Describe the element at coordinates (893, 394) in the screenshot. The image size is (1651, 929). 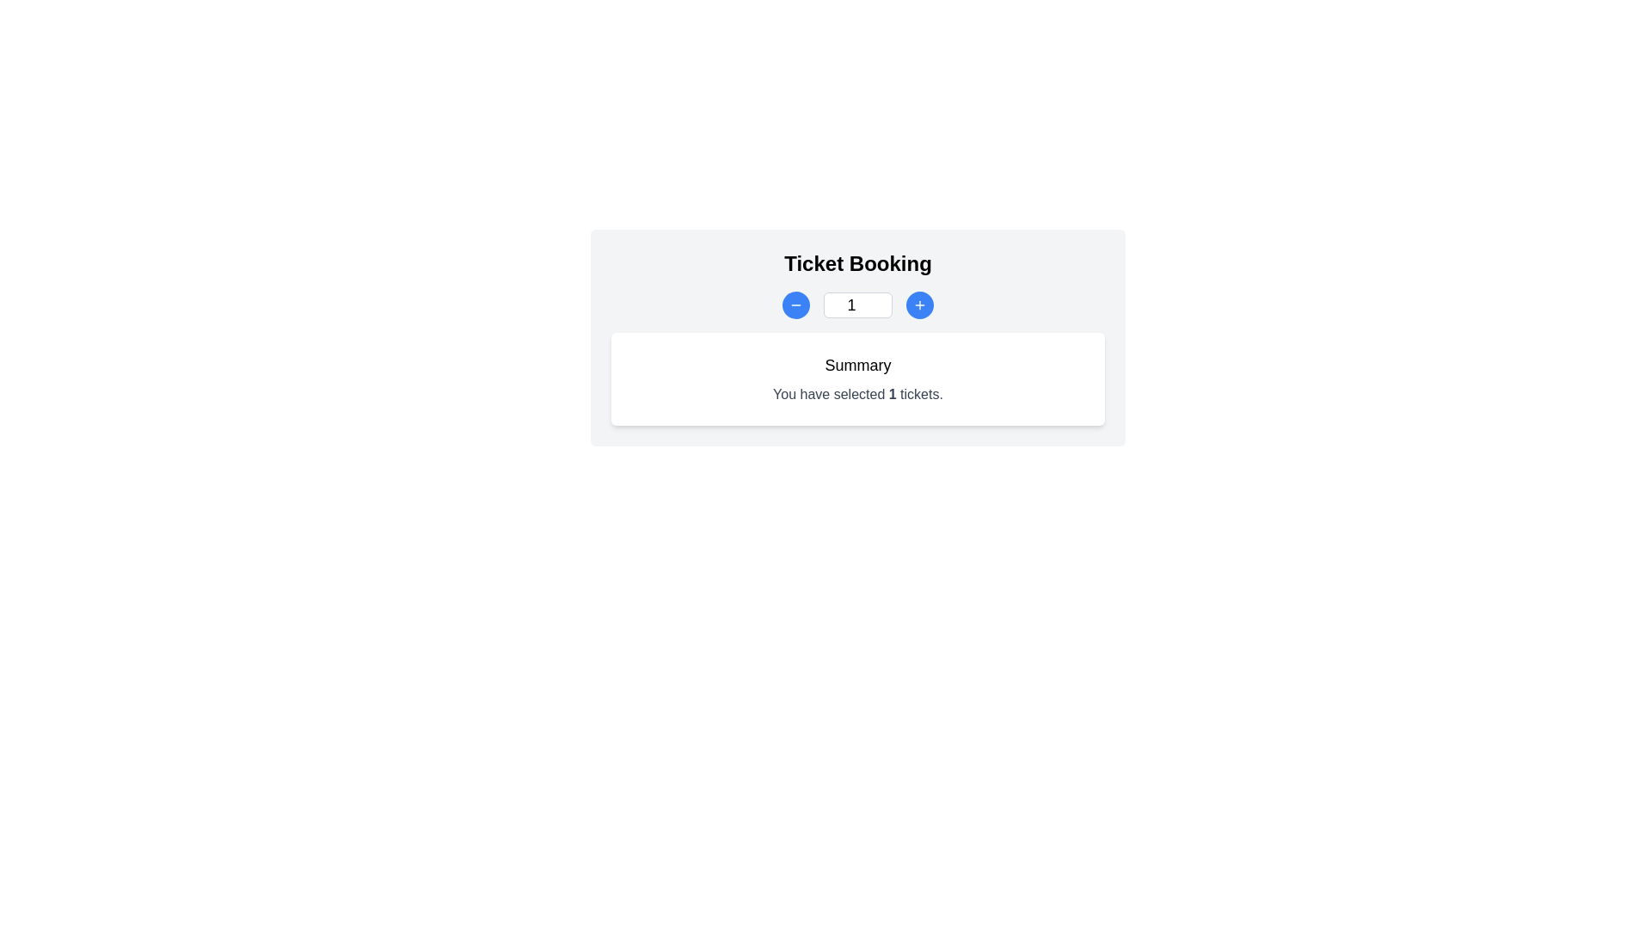
I see `the emphasized numerical part of the text 'You have selected 1 tickets.' which displays the count of tickets selected` at that location.